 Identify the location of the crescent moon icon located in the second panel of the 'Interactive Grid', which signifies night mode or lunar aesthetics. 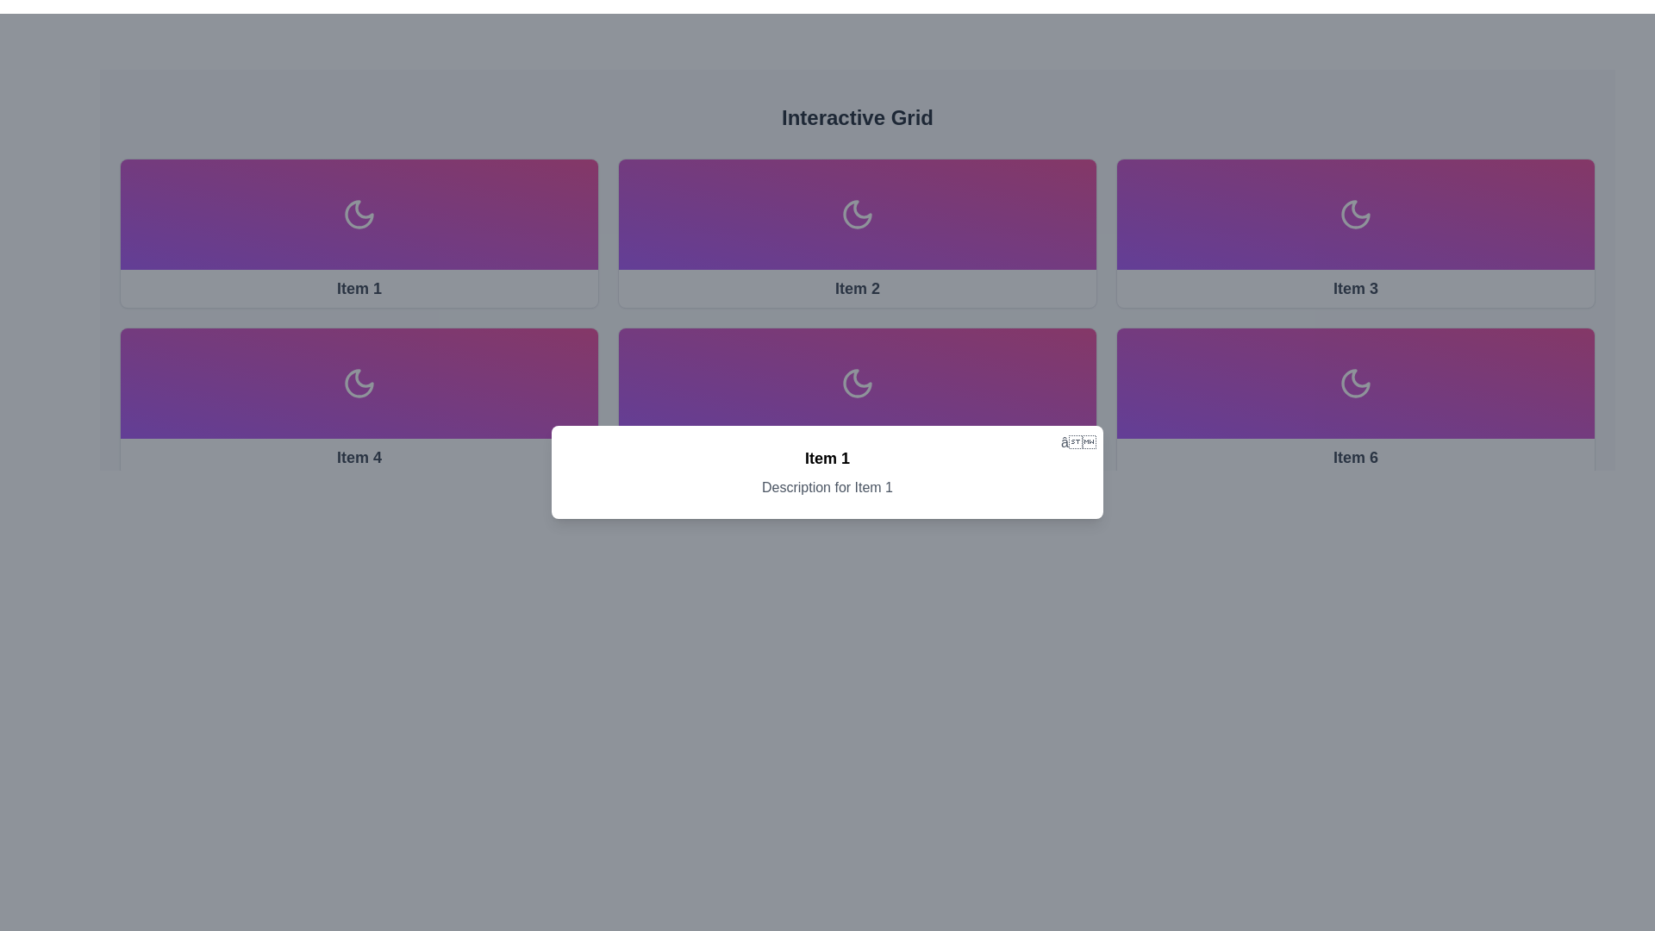
(857, 214).